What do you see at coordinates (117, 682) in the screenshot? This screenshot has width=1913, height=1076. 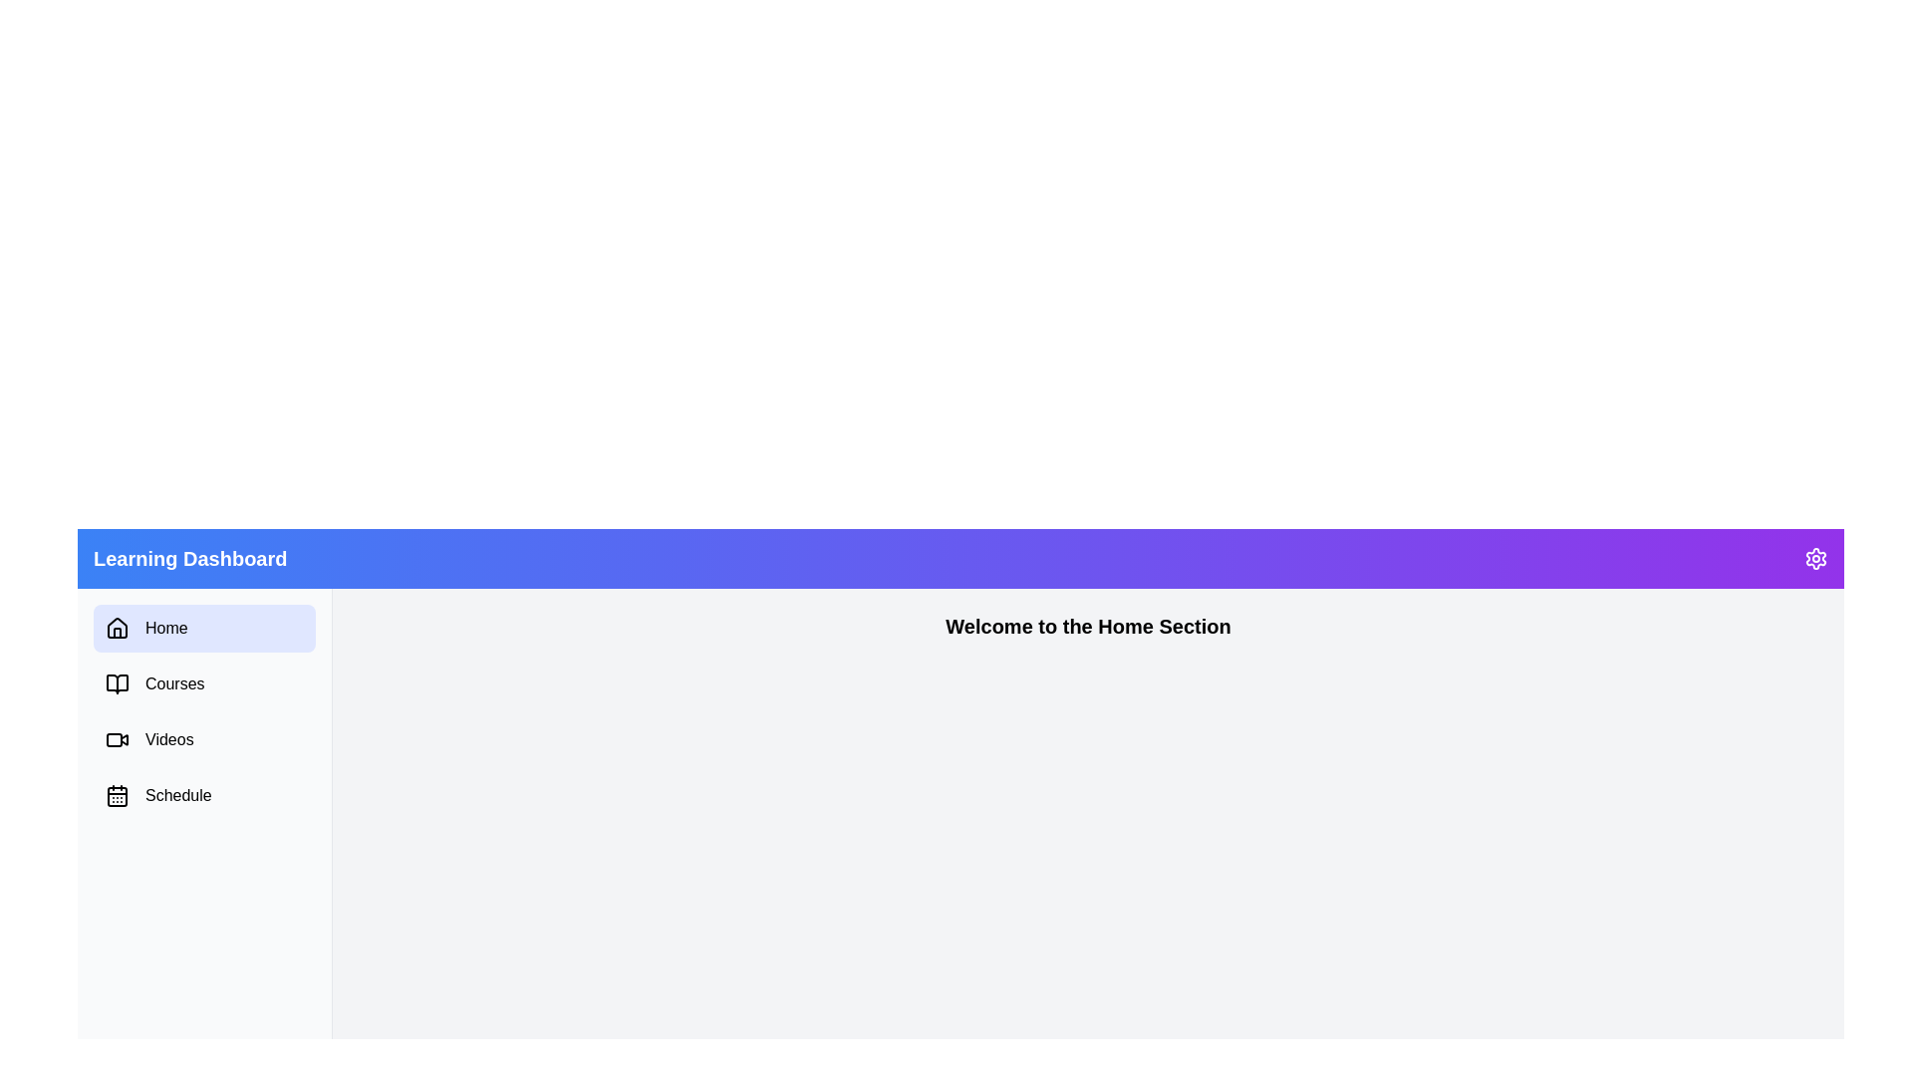 I see `the left-facing open book icon in the navigation menu` at bounding box center [117, 682].